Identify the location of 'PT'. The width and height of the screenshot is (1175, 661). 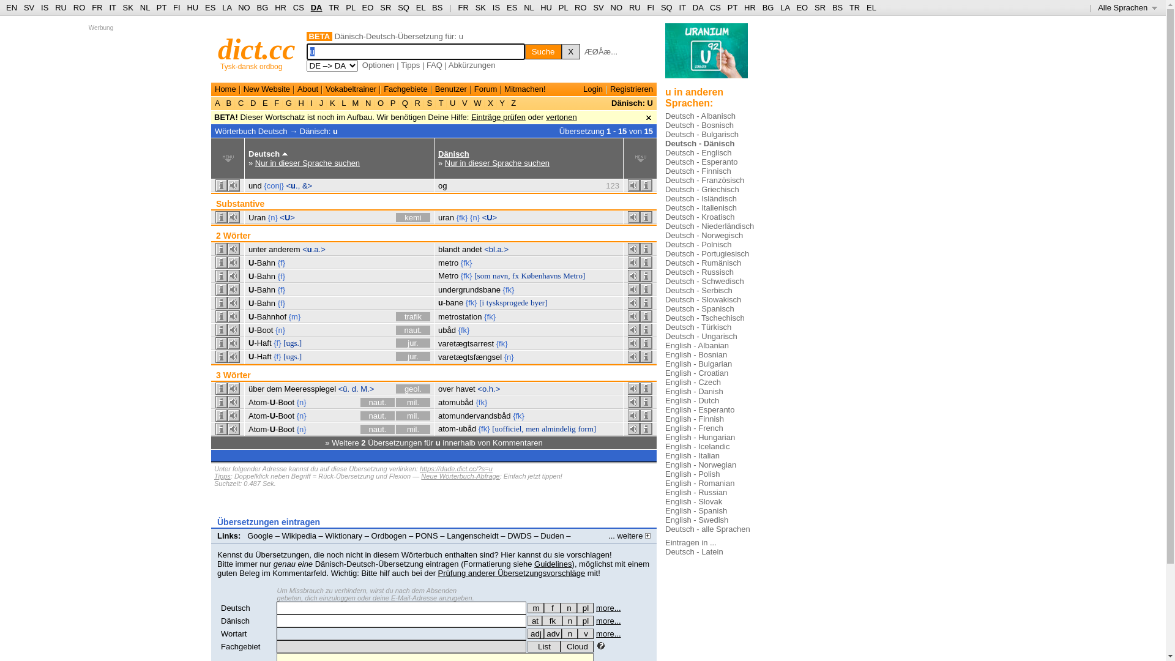
(161, 7).